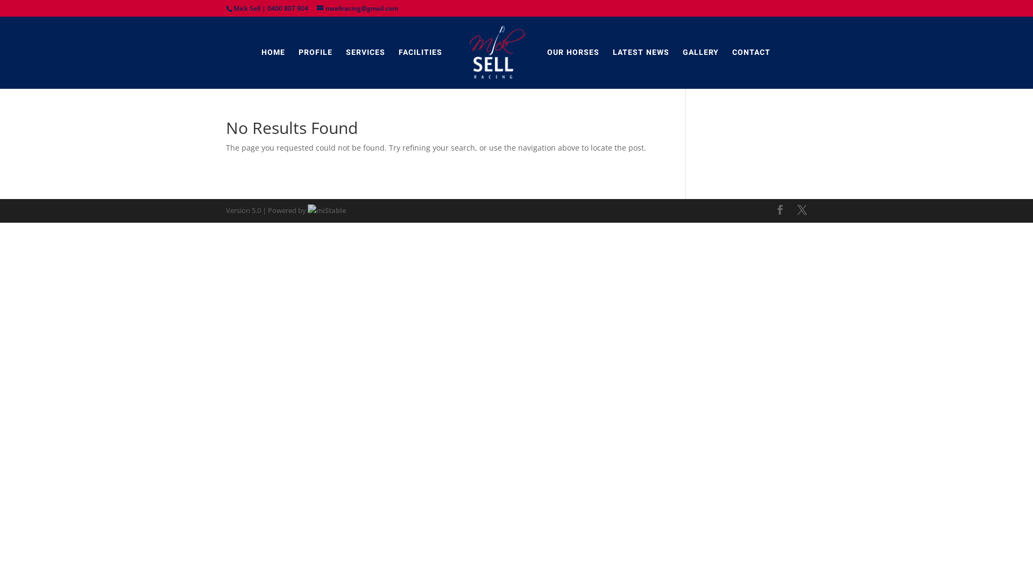 This screenshot has height=581, width=1033. What do you see at coordinates (420, 52) in the screenshot?
I see `'FACILITIES'` at bounding box center [420, 52].